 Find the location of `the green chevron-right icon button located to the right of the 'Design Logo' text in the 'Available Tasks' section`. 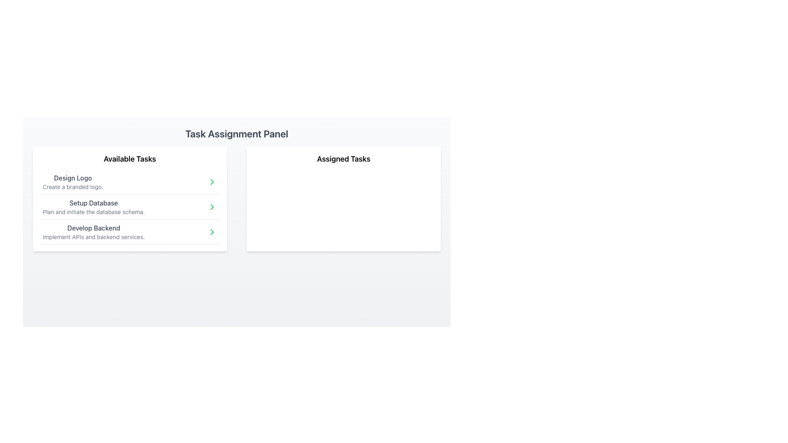

the green chevron-right icon button located to the right of the 'Design Logo' text in the 'Available Tasks' section is located at coordinates (212, 181).